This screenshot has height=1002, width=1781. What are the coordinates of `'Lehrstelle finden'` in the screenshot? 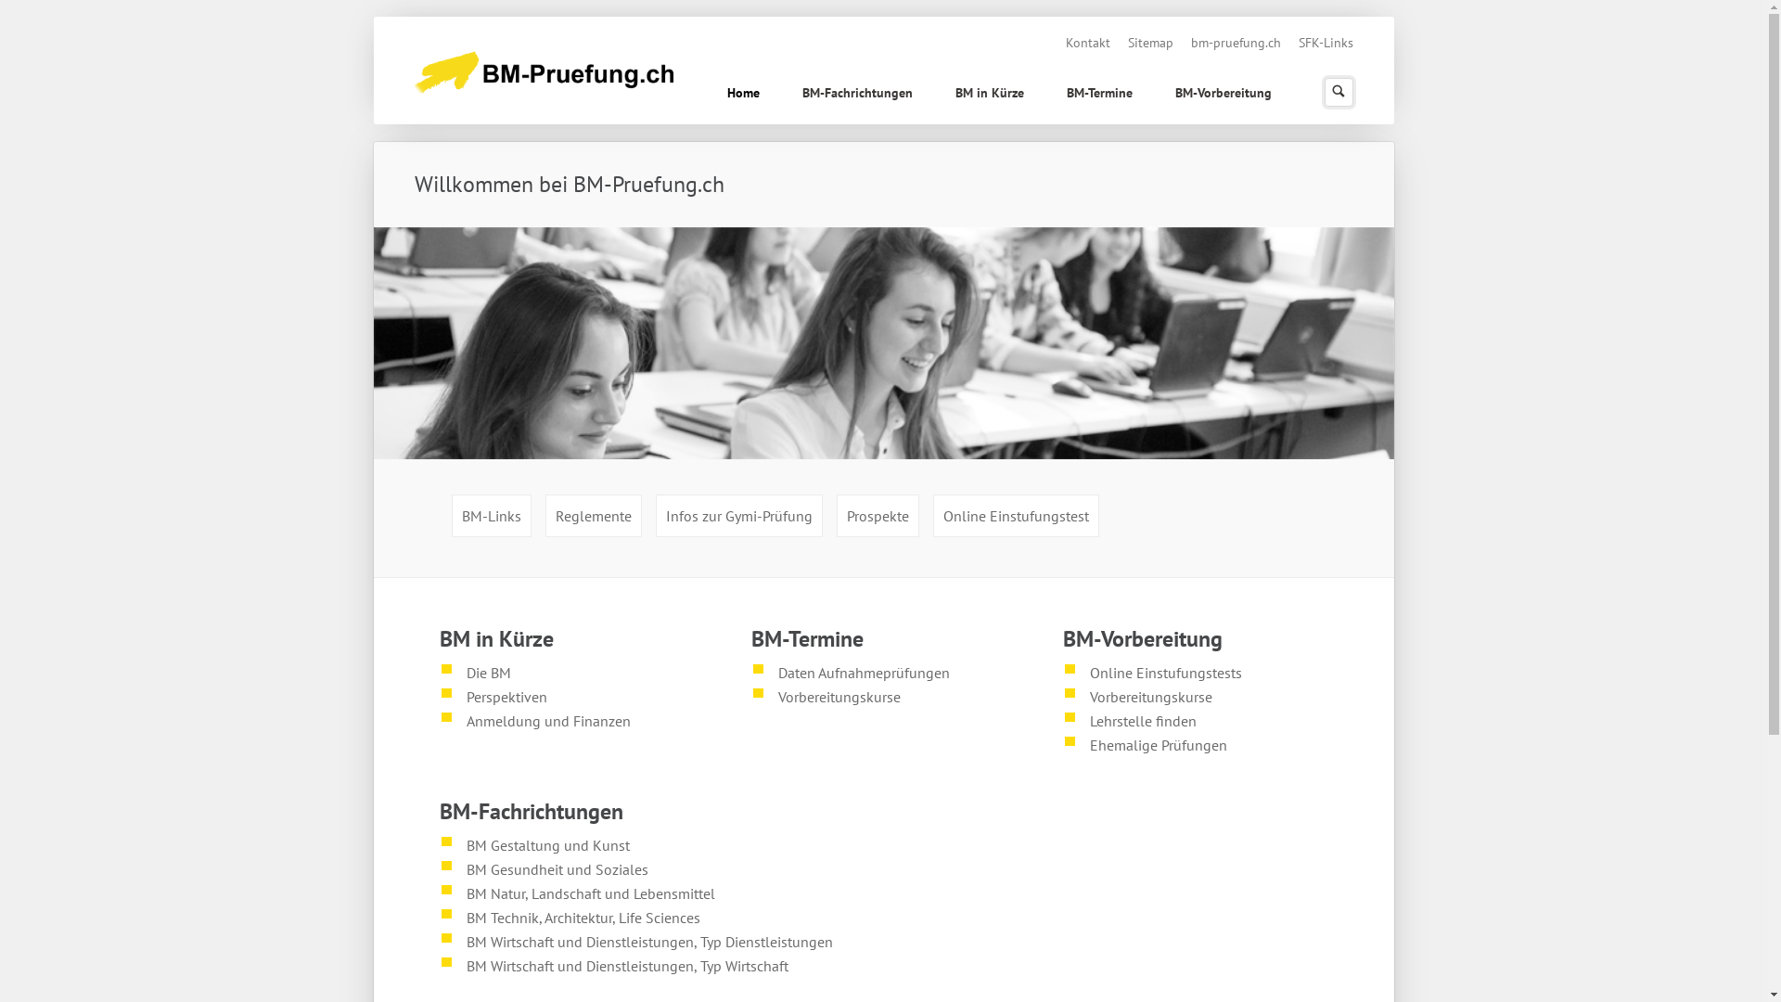 It's located at (1090, 719).